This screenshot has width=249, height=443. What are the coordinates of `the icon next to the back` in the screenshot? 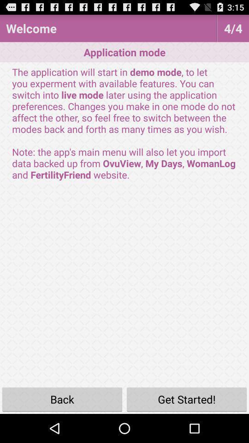 It's located at (187, 399).